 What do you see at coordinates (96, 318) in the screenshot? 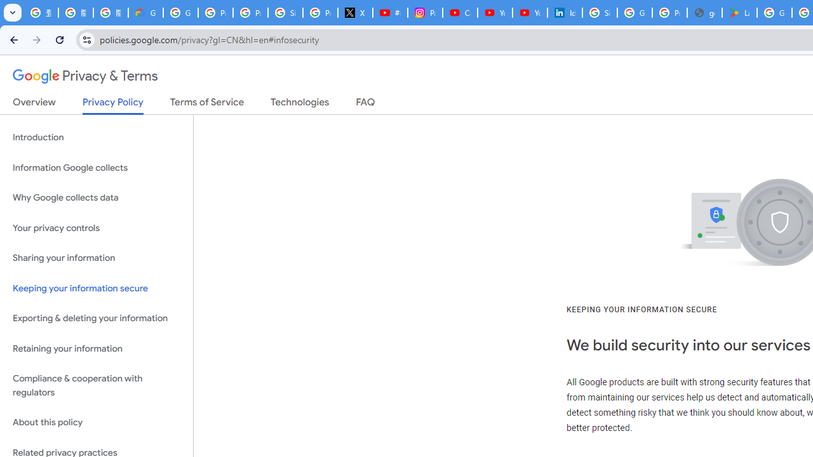
I see `'Exporting & deleting your information'` at bounding box center [96, 318].